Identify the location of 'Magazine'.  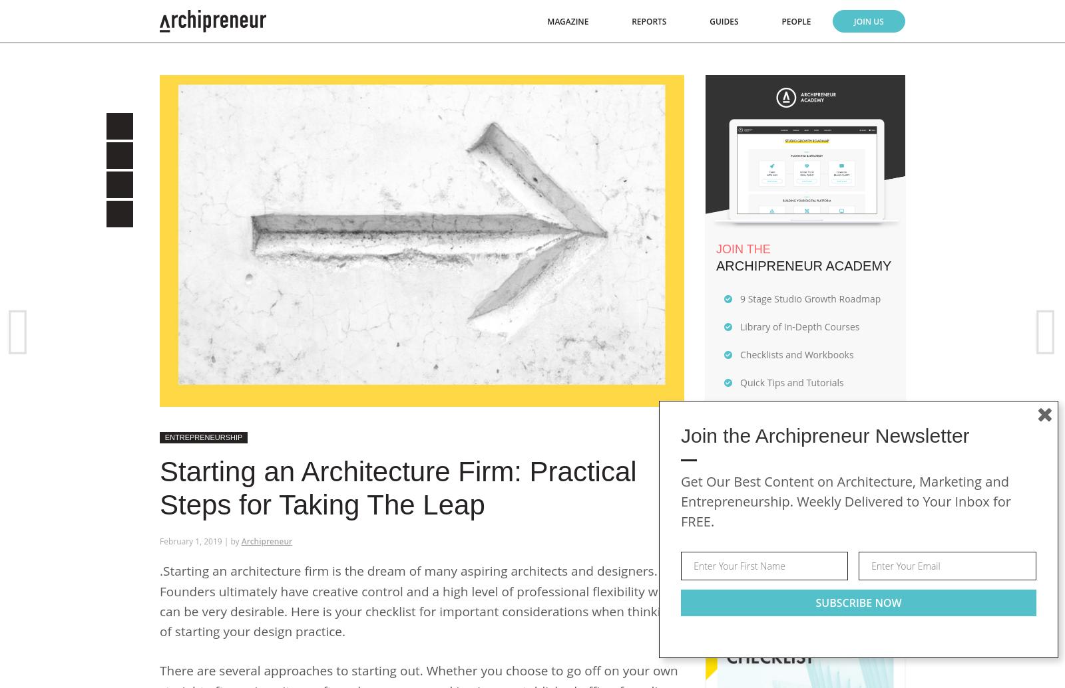
(566, 21).